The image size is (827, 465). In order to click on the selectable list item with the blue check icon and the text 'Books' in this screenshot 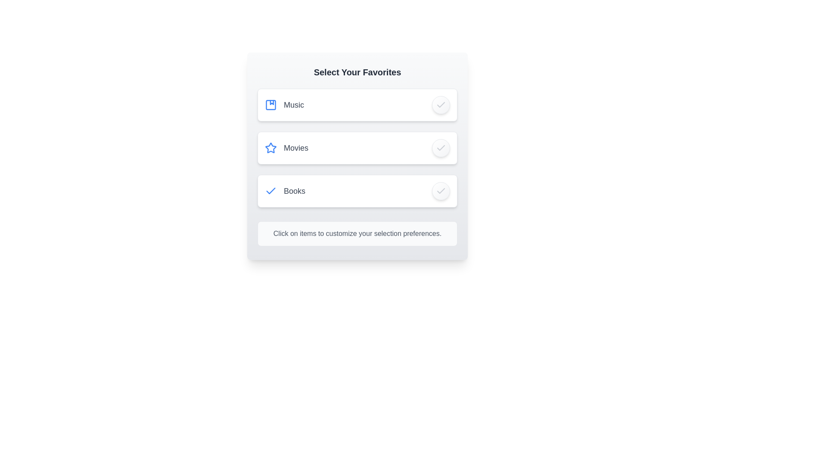, I will do `click(285, 190)`.